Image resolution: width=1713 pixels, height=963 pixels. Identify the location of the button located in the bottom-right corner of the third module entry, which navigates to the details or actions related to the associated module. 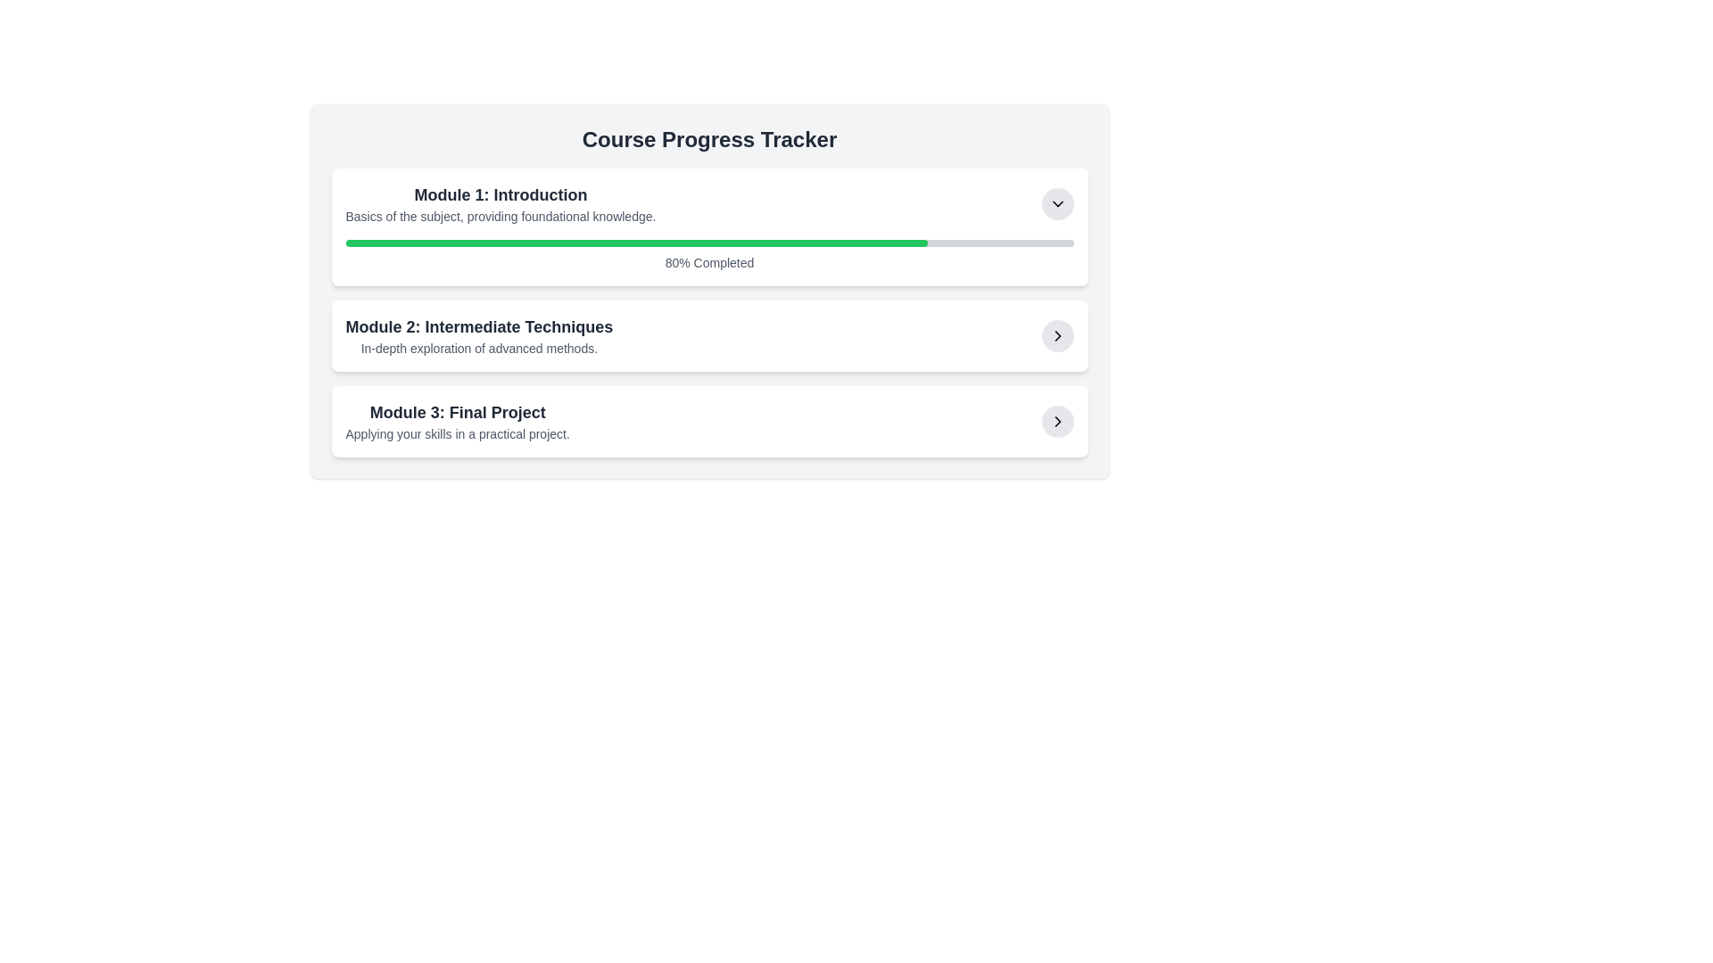
(1057, 422).